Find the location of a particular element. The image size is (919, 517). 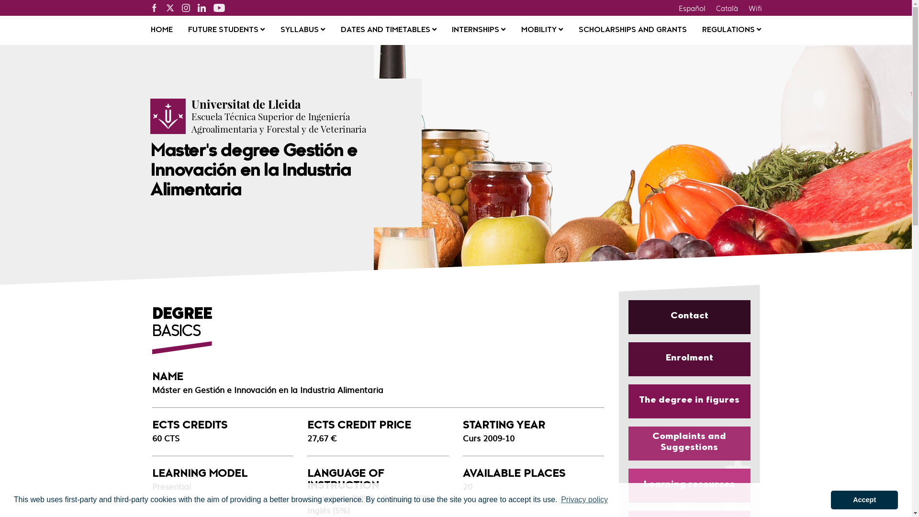

'SYLLABUS' is located at coordinates (302, 30).